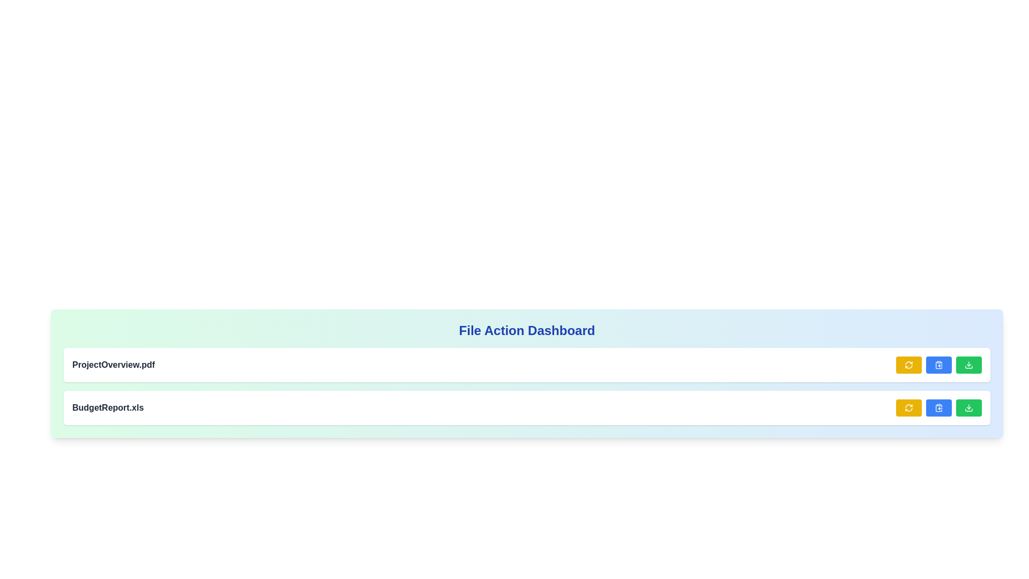 The width and height of the screenshot is (1029, 579). Describe the element at coordinates (969, 365) in the screenshot. I see `the far right button in the horizontal row of three buttons to initiate the download for the associated document` at that location.